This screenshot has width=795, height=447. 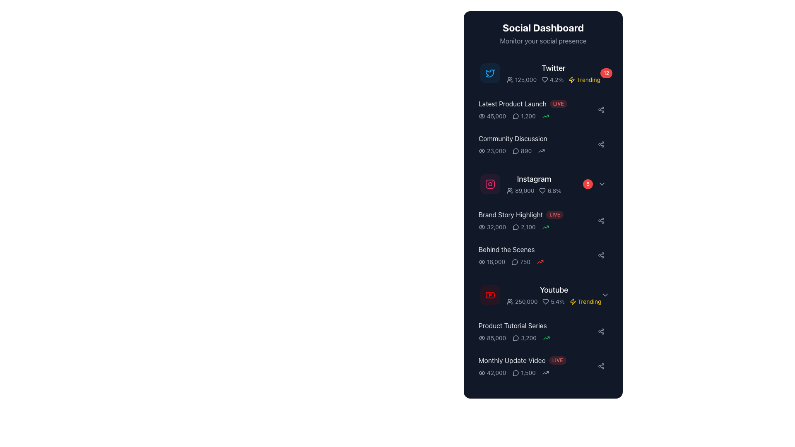 What do you see at coordinates (546, 302) in the screenshot?
I see `the heart-shaped icon that is located within the 'Youtube' list item on the social dashboard, specifically preceding the text '5.4%'` at bounding box center [546, 302].